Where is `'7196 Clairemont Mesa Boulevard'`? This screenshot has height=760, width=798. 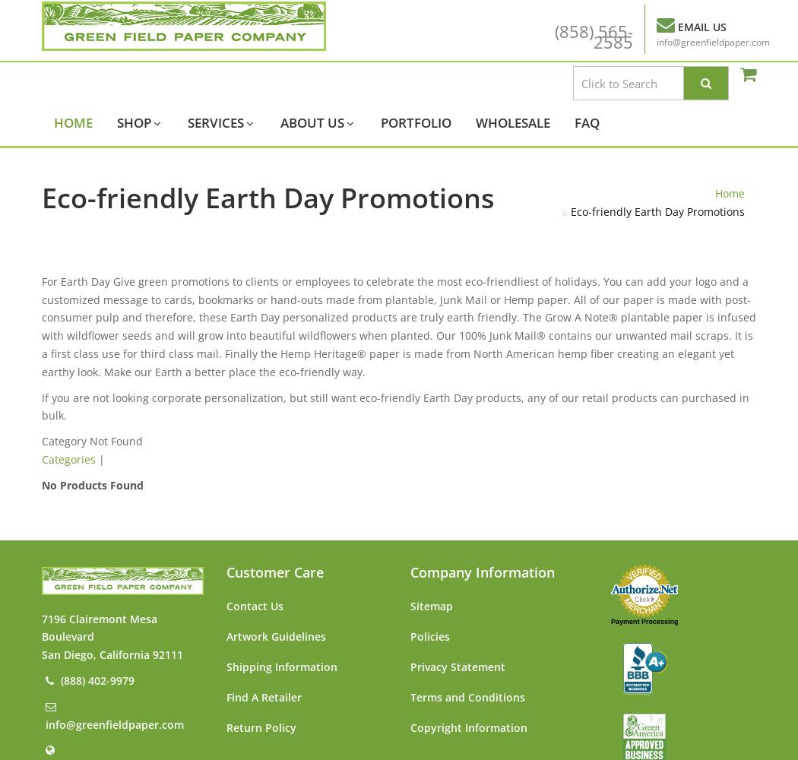 '7196 Clairemont Mesa Boulevard' is located at coordinates (99, 626).